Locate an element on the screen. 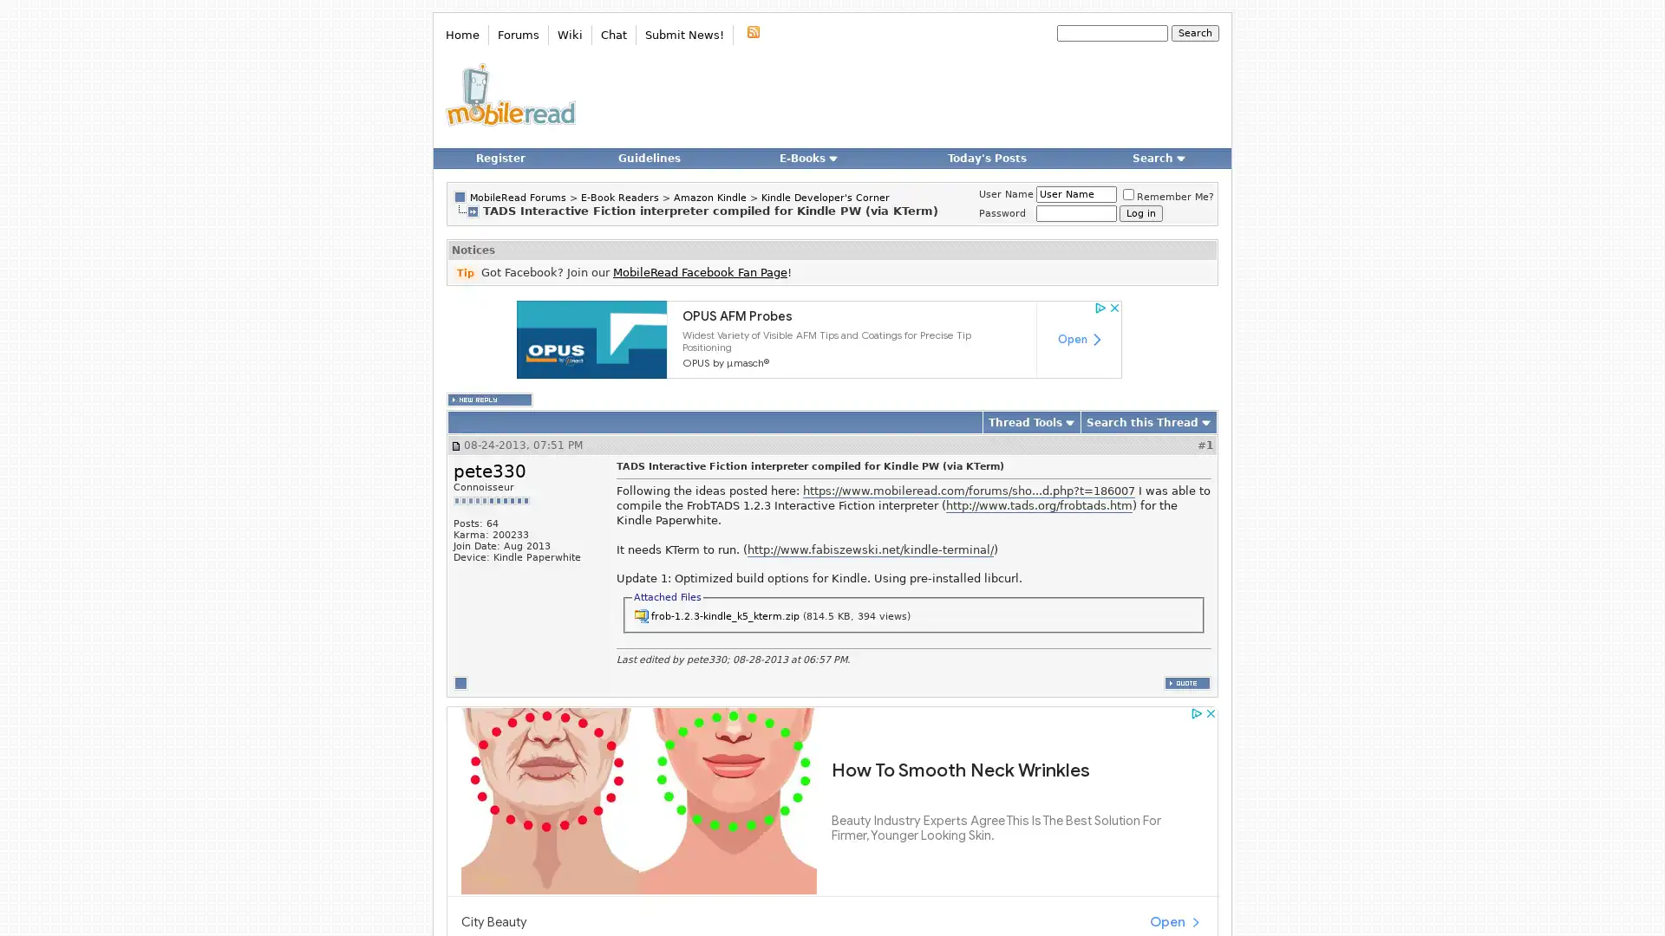  Search is located at coordinates (1194, 33).